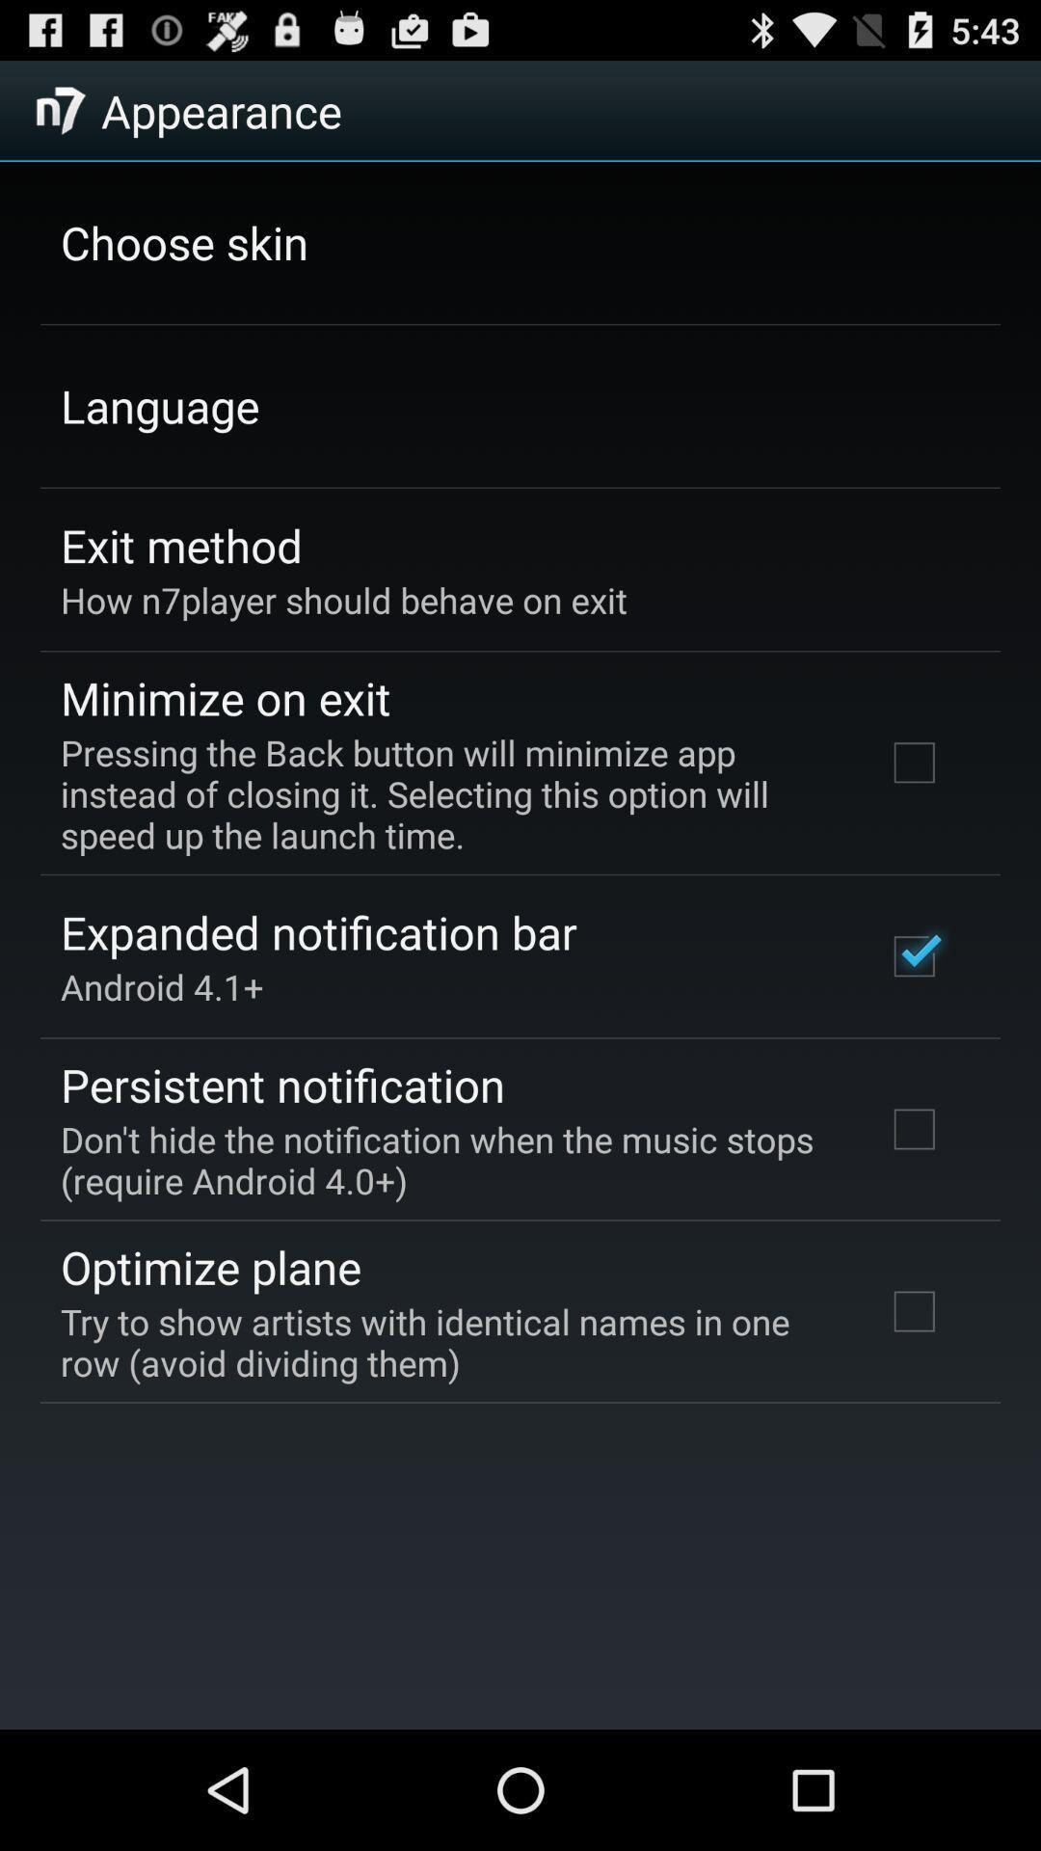  I want to click on the how n7player should app, so click(343, 599).